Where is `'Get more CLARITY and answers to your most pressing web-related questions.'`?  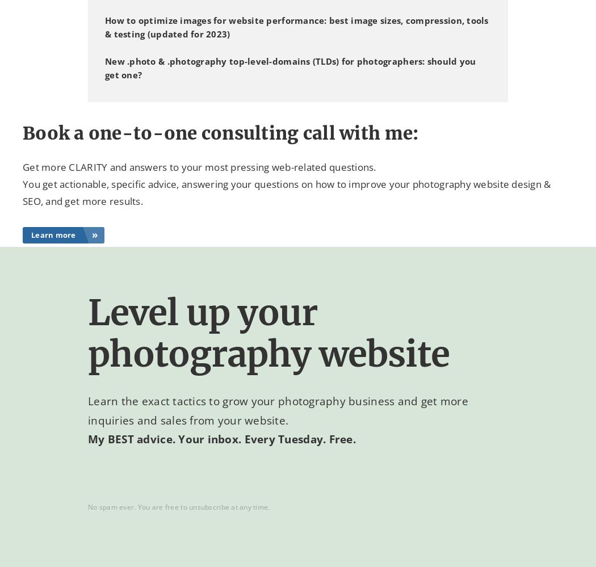 'Get more CLARITY and answers to your most pressing web-related questions.' is located at coordinates (199, 166).